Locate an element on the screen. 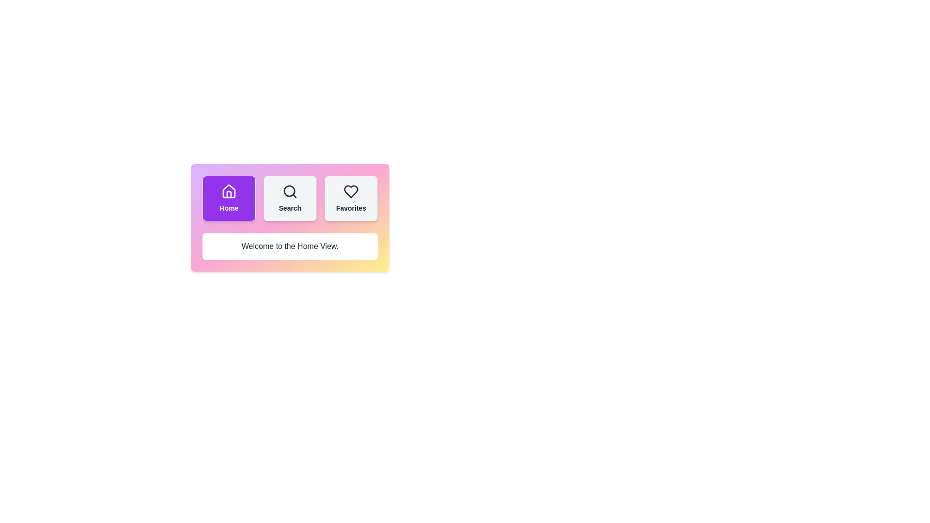 This screenshot has width=930, height=523. the 'Favorites' text label, which is the third item in a row of three elements, located under the heart icon is located at coordinates (350, 207).